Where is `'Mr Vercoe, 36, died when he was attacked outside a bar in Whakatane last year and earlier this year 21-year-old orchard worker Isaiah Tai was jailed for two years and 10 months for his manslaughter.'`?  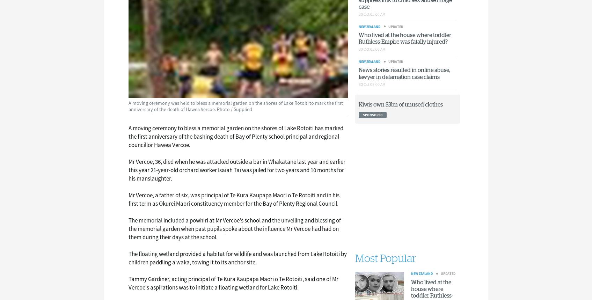
'Mr Vercoe, 36, died when he was attacked outside a bar in Whakatane last year and earlier this year 21-year-old orchard worker Isaiah Tai was jailed for two years and 10 months for his manslaughter.' is located at coordinates (236, 170).